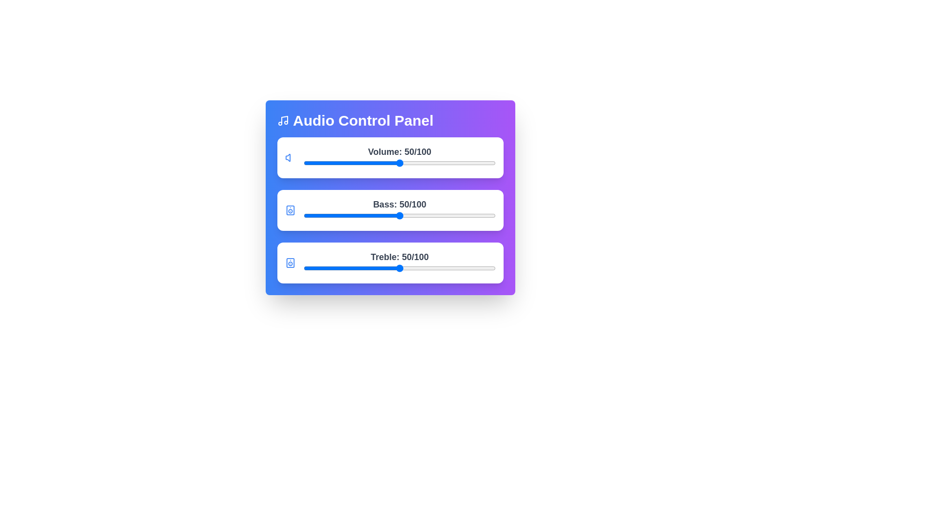  I want to click on the treble slider to 85 value, so click(466, 268).